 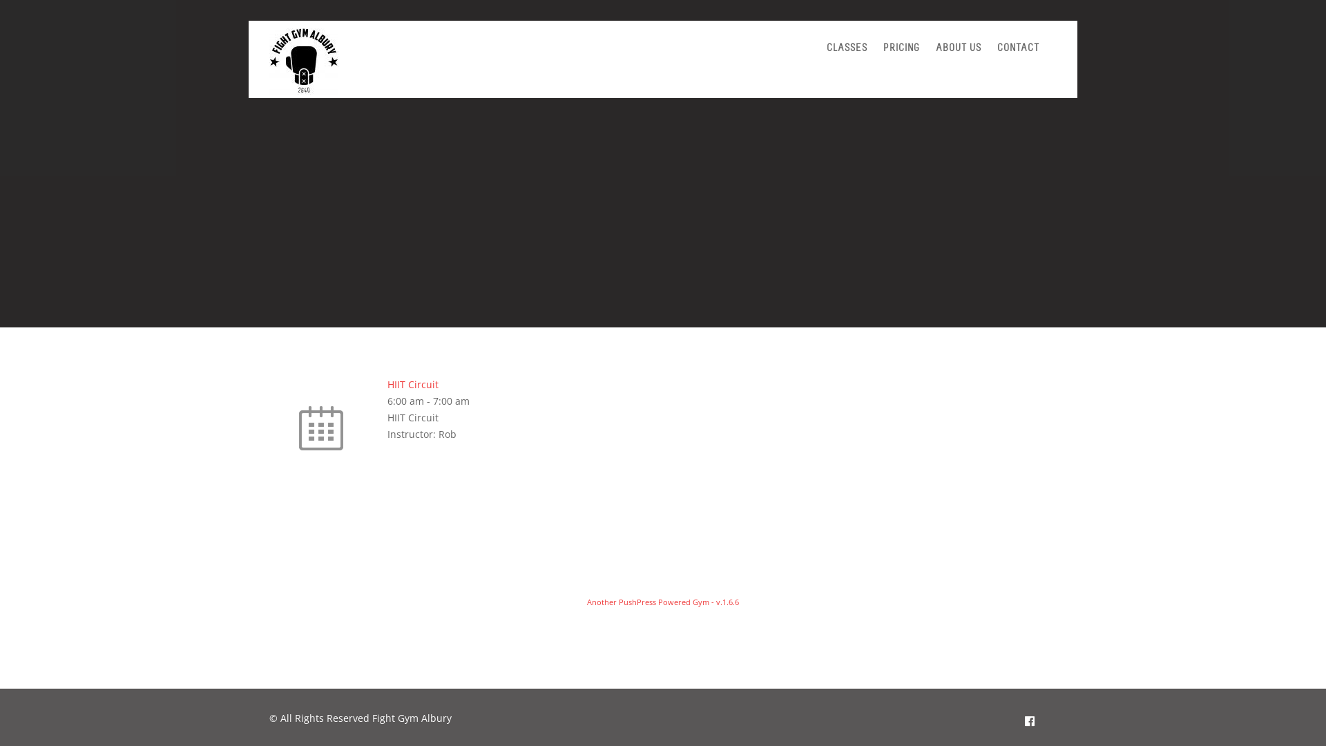 What do you see at coordinates (663, 601) in the screenshot?
I see `'Another PushPress Powered Gym - v.1.6.6'` at bounding box center [663, 601].